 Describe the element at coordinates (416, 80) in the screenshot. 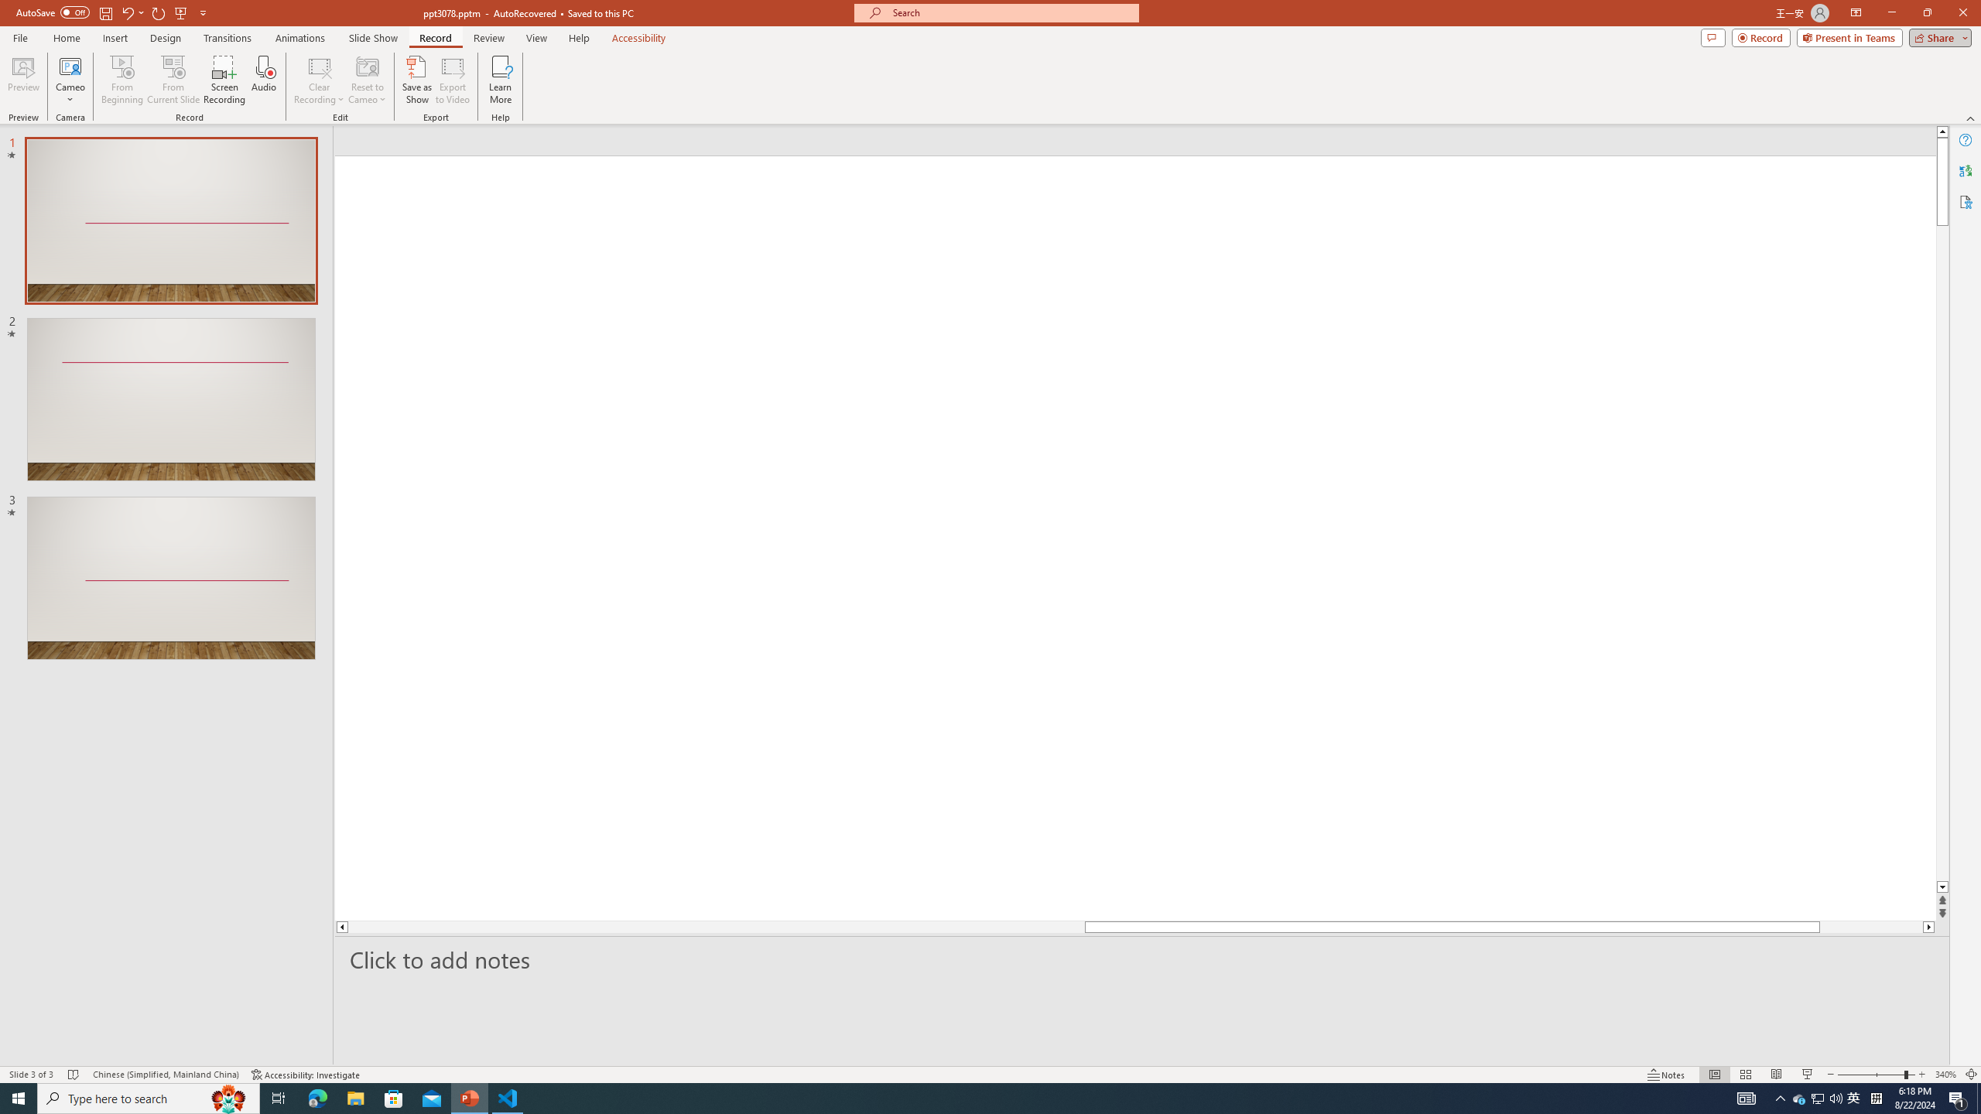

I see `'Save as Show'` at that location.